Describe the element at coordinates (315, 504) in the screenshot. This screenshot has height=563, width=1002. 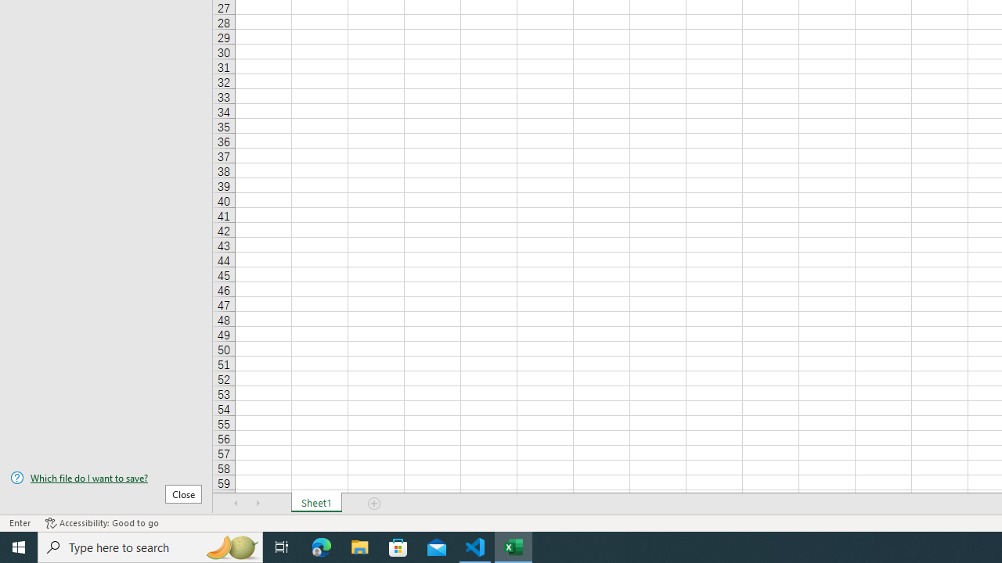
I see `'Sheet1'` at that location.